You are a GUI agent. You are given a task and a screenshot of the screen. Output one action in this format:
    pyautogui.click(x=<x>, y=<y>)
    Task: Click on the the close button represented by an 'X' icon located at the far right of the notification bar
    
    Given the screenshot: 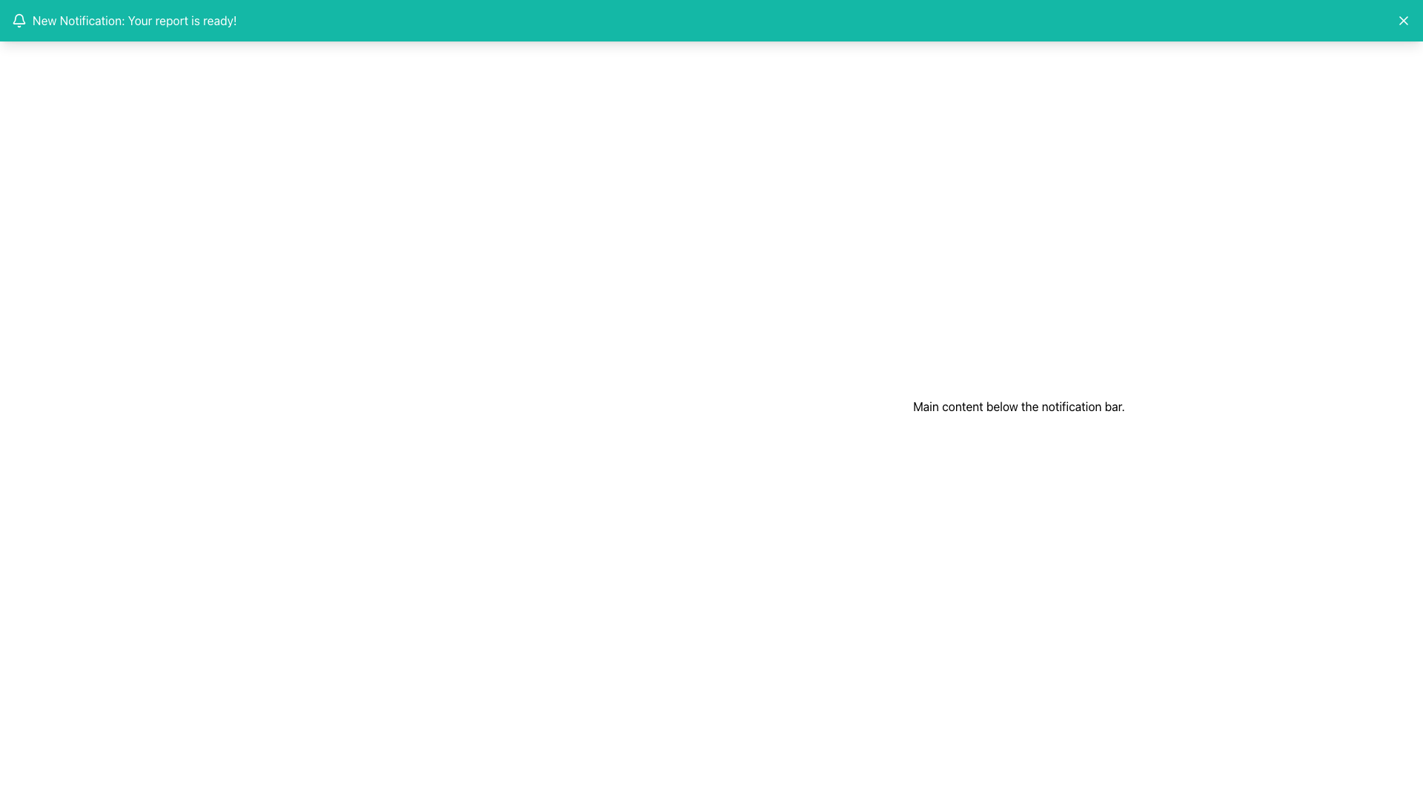 What is the action you would take?
    pyautogui.click(x=1403, y=20)
    